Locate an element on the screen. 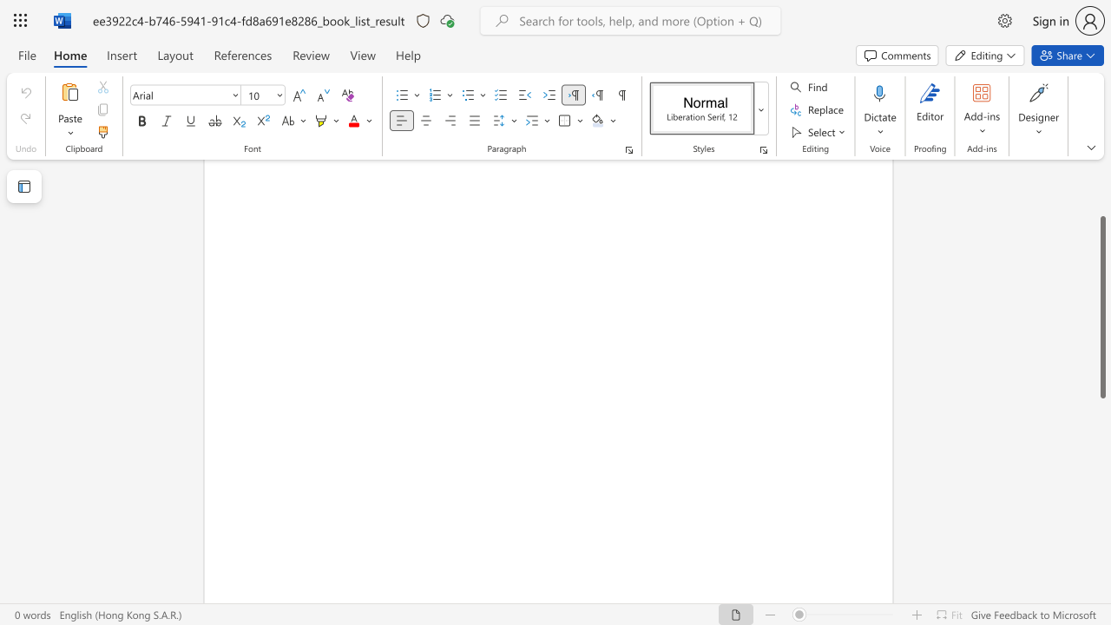  the vertical scrollbar to lower the page content is located at coordinates (1101, 503).